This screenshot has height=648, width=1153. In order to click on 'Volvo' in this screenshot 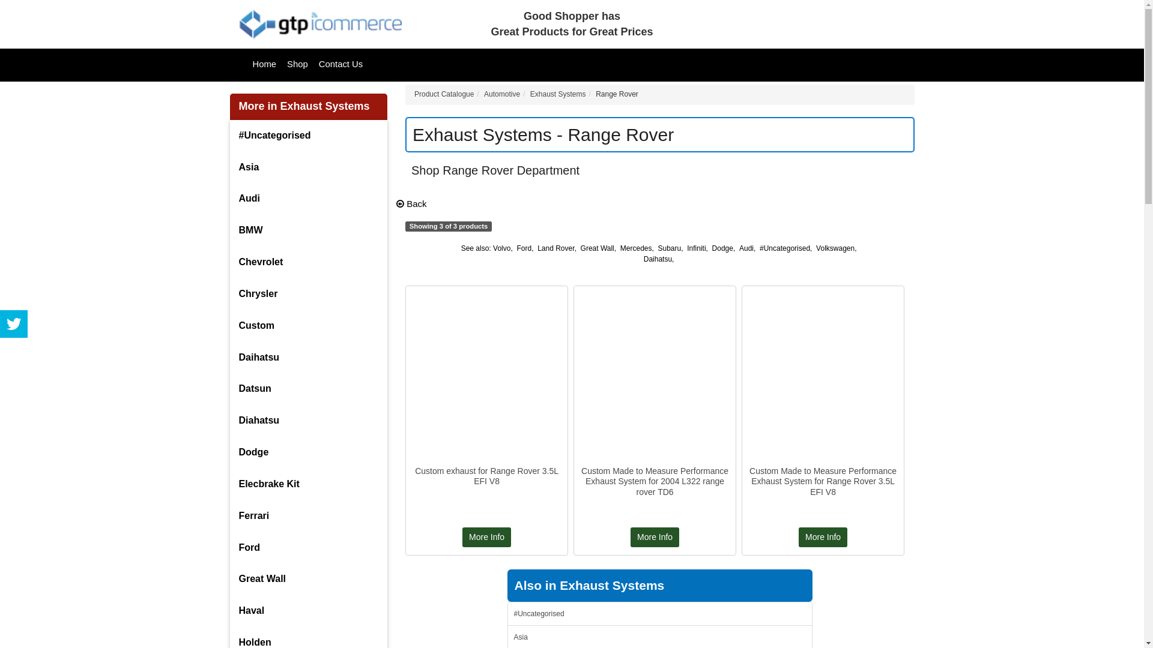, I will do `click(501, 247)`.